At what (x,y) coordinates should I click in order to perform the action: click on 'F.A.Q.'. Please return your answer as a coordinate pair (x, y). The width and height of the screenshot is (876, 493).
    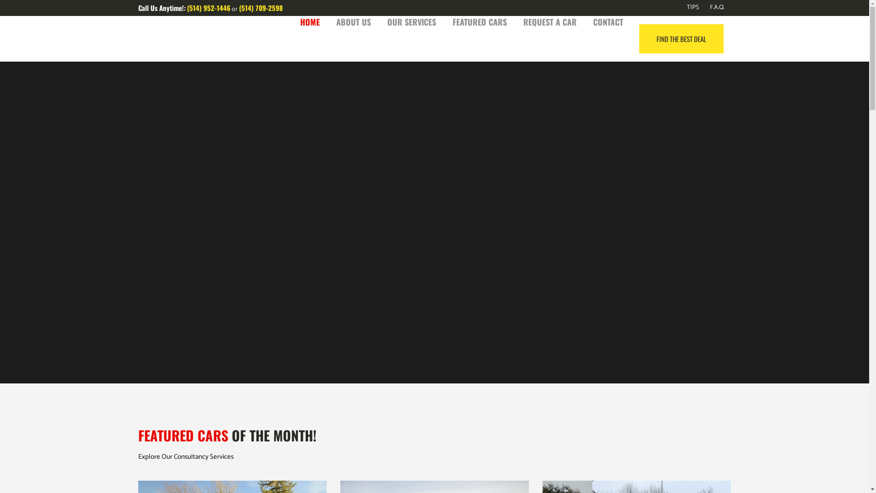
    Looking at the image, I should click on (711, 7).